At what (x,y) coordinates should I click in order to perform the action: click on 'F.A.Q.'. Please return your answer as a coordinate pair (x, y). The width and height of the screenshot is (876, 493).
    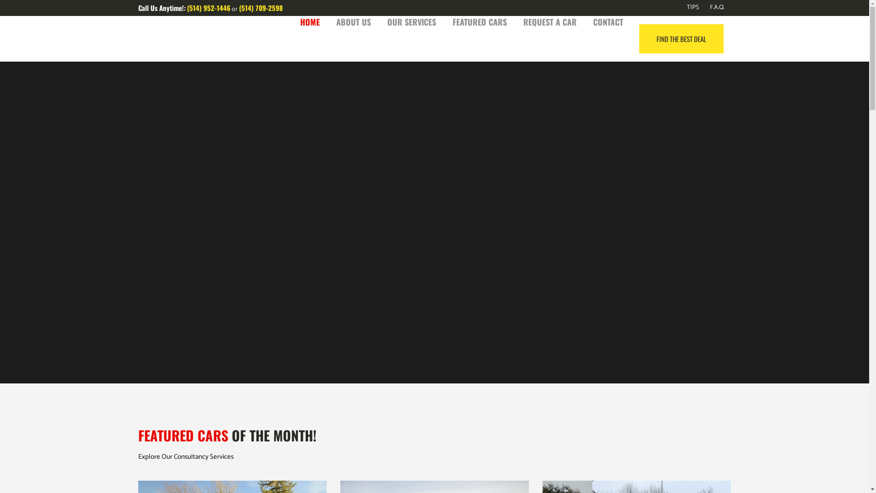
    Looking at the image, I should click on (711, 7).